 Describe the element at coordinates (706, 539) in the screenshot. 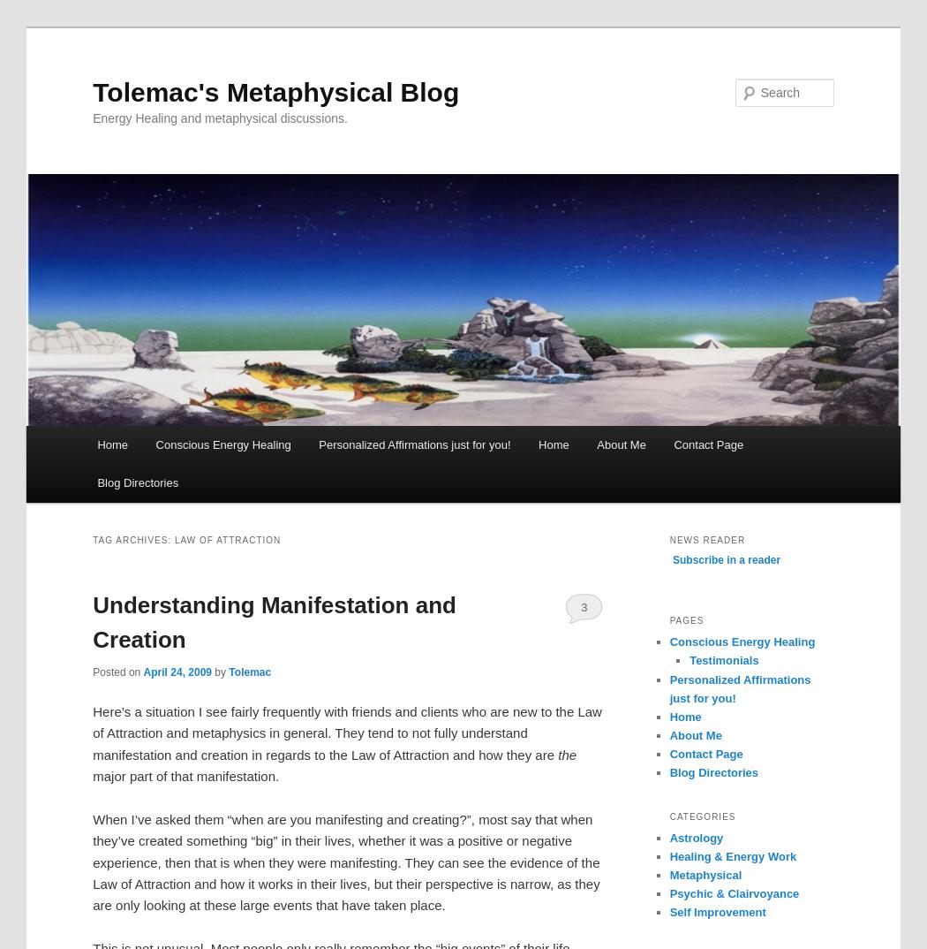

I see `'news reader'` at that location.